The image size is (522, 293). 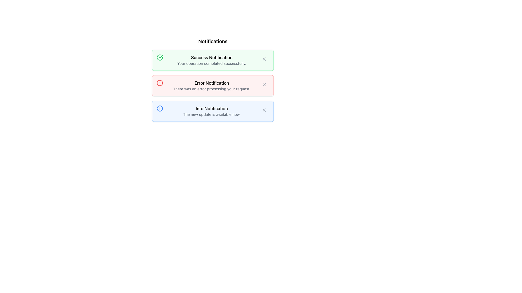 What do you see at coordinates (211, 85) in the screenshot?
I see `the 'Error Notification' text label, which displays a bold black title and a gray message text within a light red rectangular area, positioned centrally between the 'Success Notification' and 'Info Notification'` at bounding box center [211, 85].